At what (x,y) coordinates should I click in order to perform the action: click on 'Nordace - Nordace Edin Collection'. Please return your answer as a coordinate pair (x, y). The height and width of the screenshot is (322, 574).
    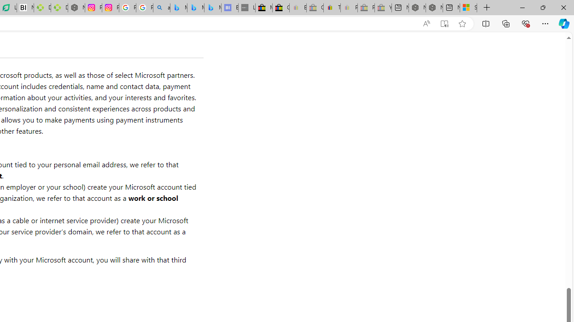
    Looking at the image, I should click on (76, 8).